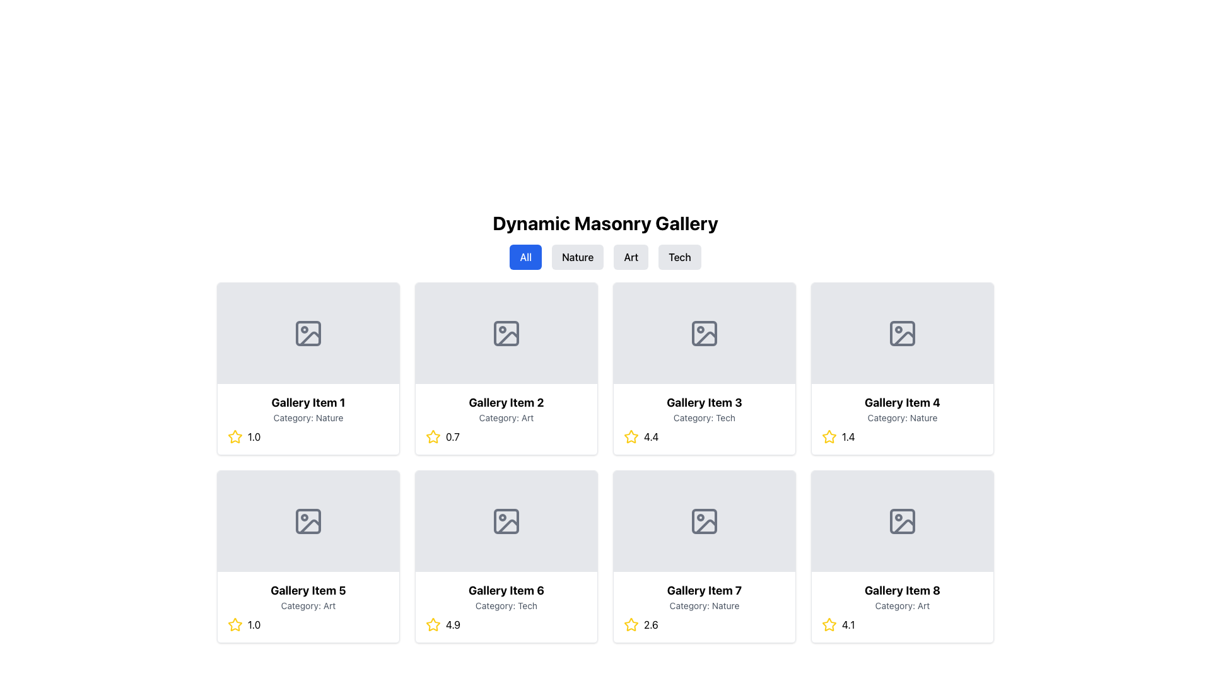  What do you see at coordinates (901, 332) in the screenshot?
I see `the image placeholder located in the fourth card of the gallery grid labeled 'Gallery Item 4' with category 'Nature' and rating value of 1.4` at bounding box center [901, 332].